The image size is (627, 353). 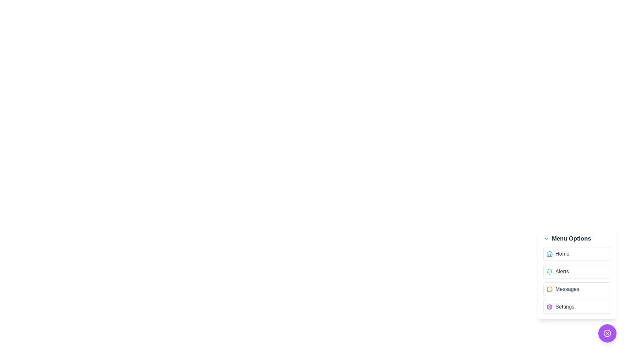 I want to click on the 'Menu Options' title, so click(x=577, y=238).